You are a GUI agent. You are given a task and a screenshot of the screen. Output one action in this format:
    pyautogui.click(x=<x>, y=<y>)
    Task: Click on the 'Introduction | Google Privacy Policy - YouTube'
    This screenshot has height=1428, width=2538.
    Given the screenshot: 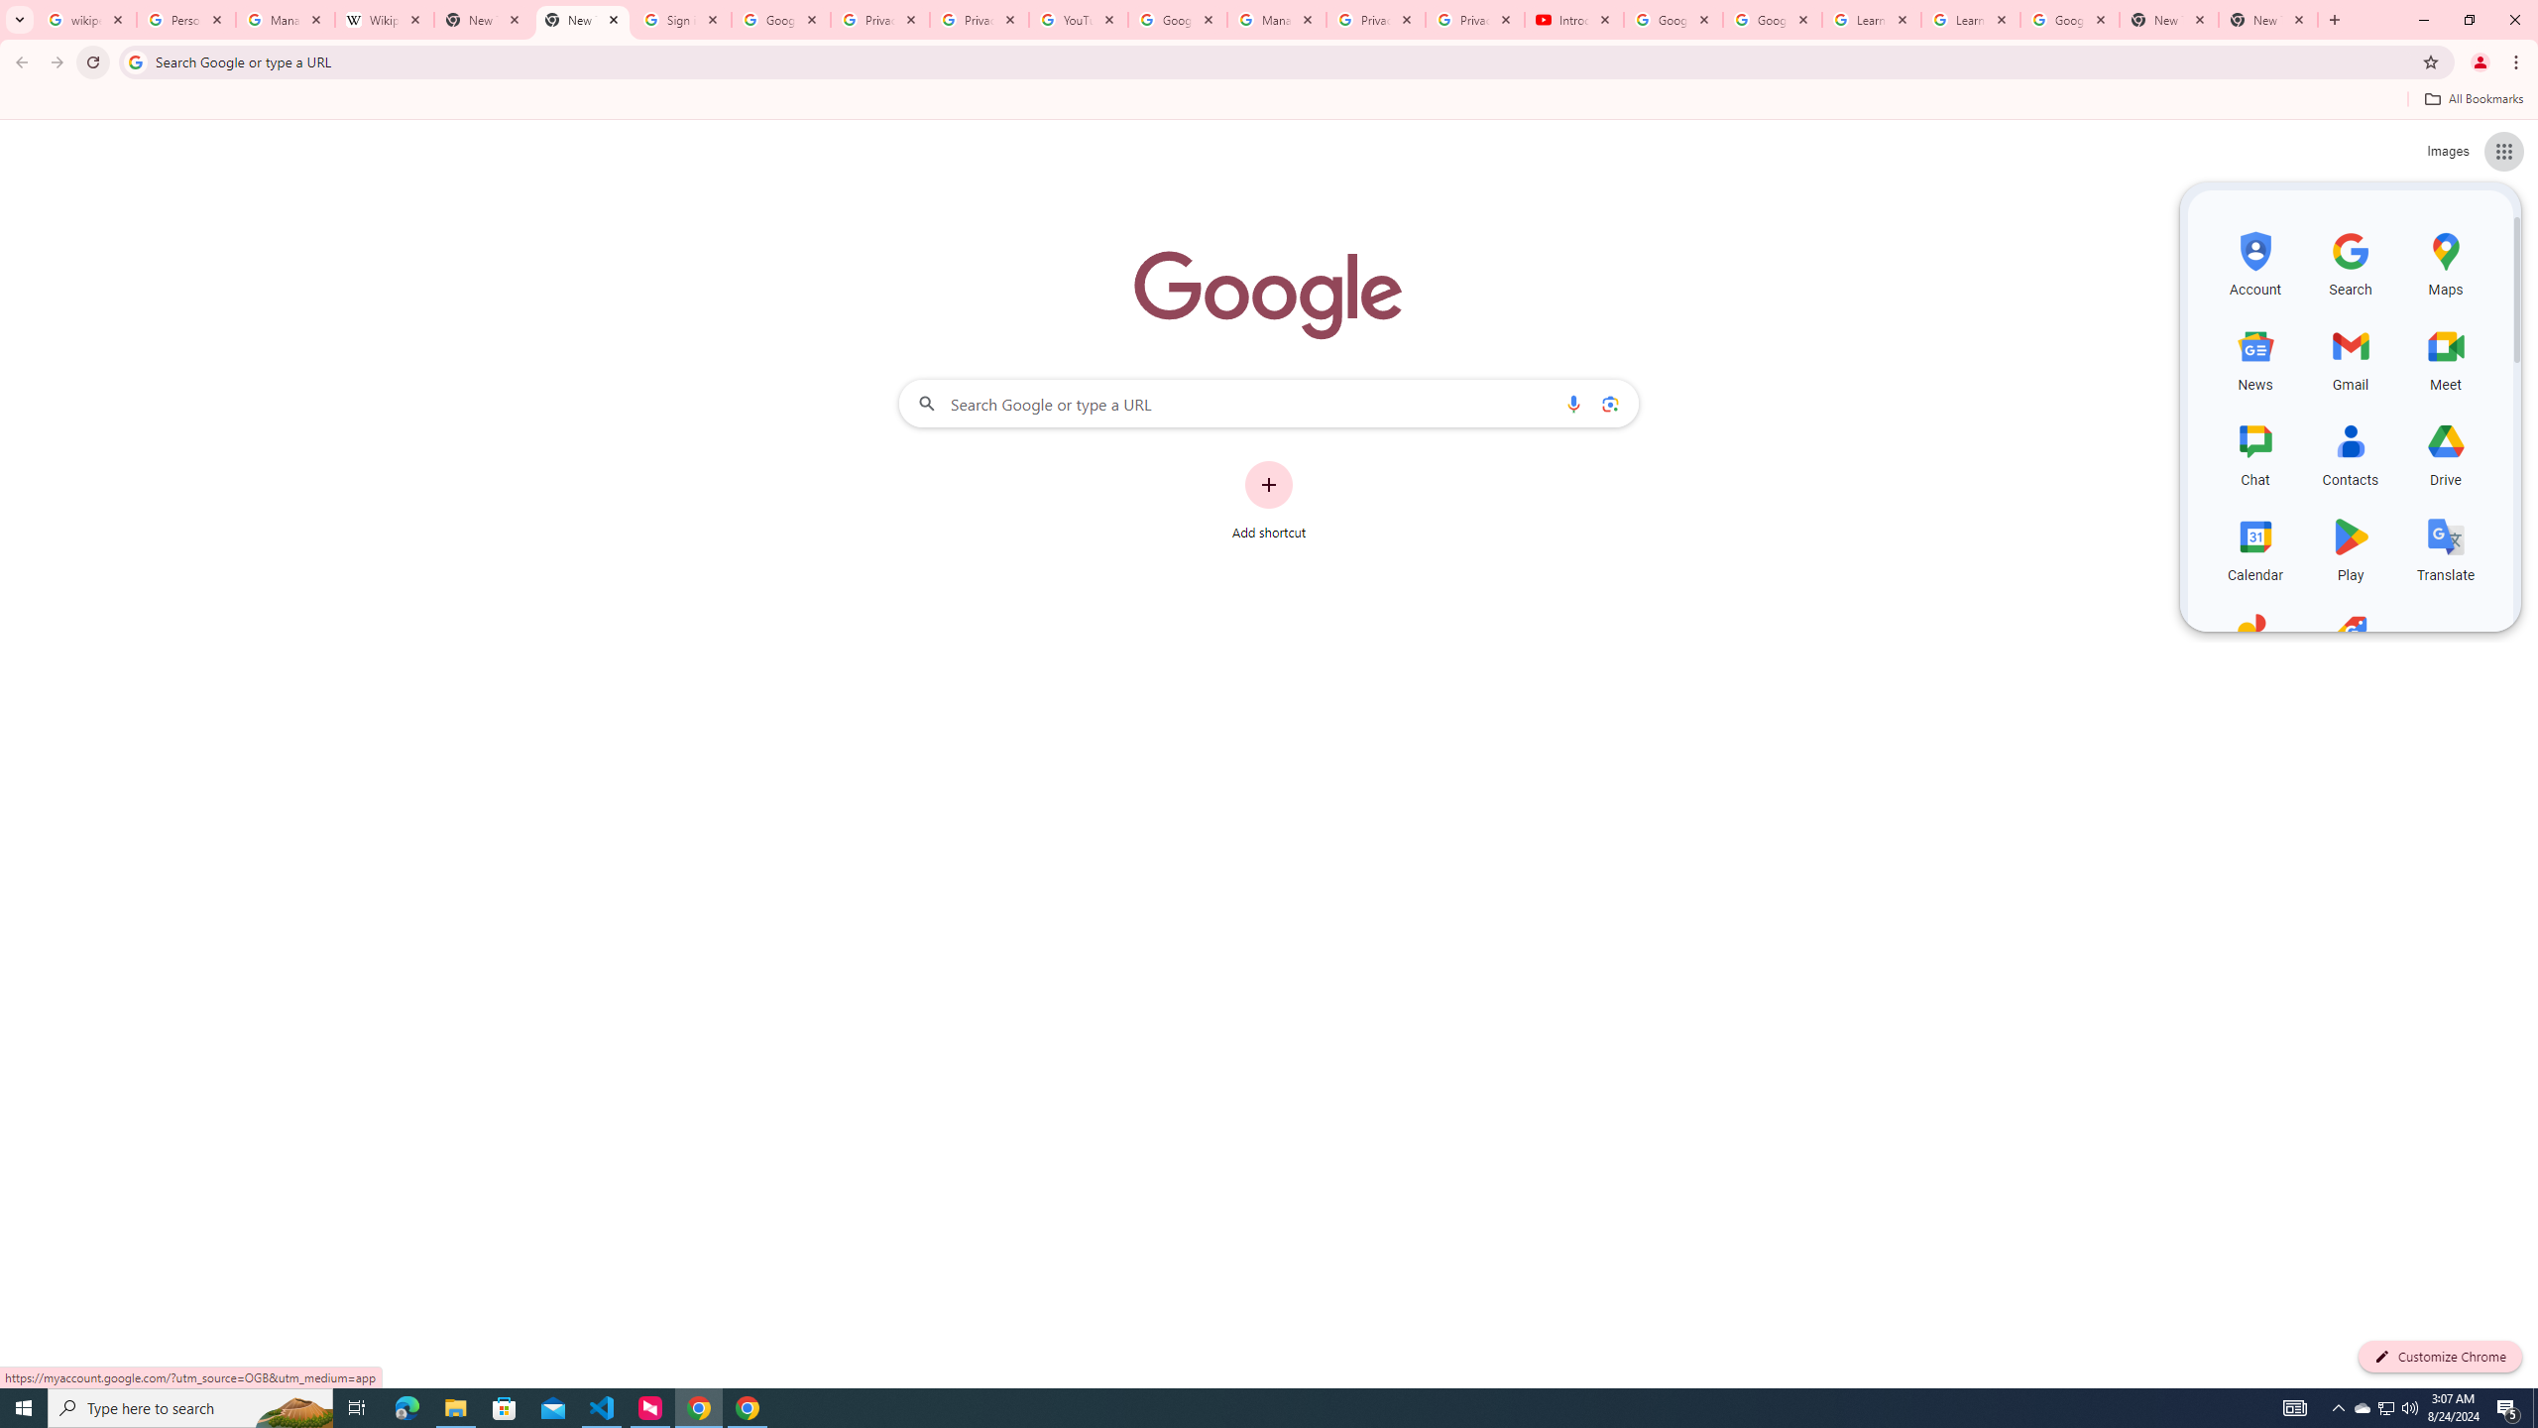 What is the action you would take?
    pyautogui.click(x=1572, y=19)
    